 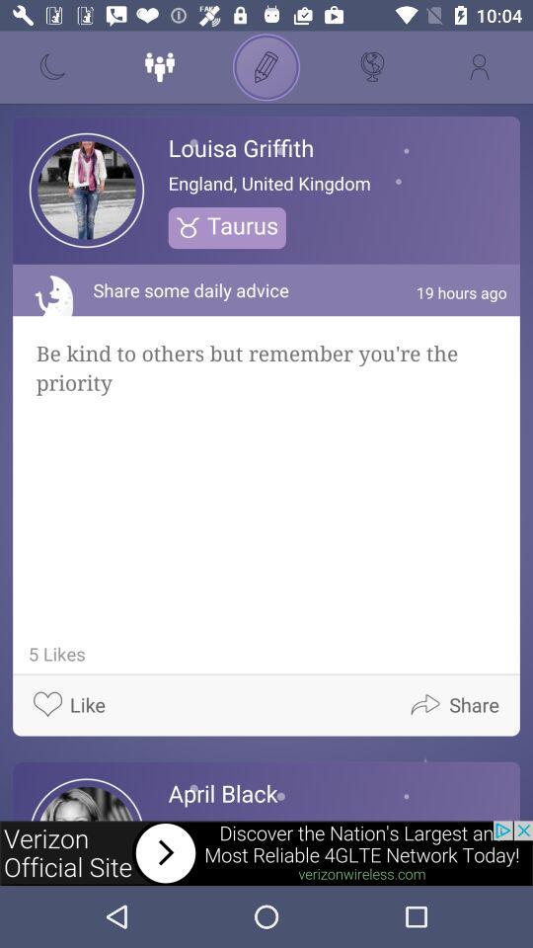 I want to click on 5likes above like, so click(x=53, y=654).